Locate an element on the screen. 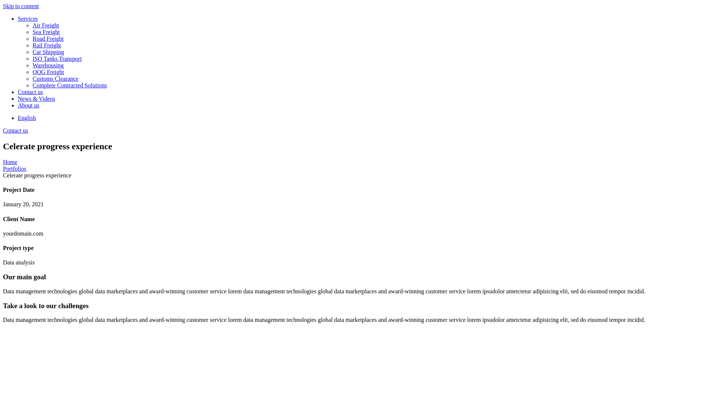 This screenshot has height=400, width=711. 'Portfolios' is located at coordinates (3, 169).